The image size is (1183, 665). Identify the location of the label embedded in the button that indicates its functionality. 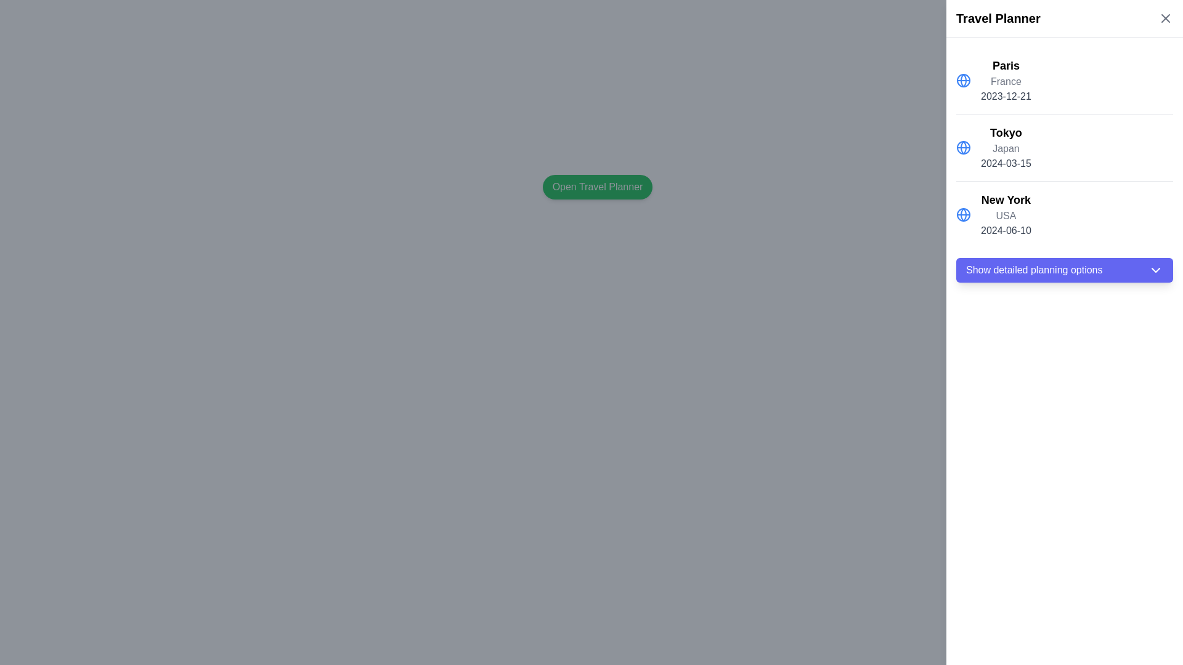
(1034, 270).